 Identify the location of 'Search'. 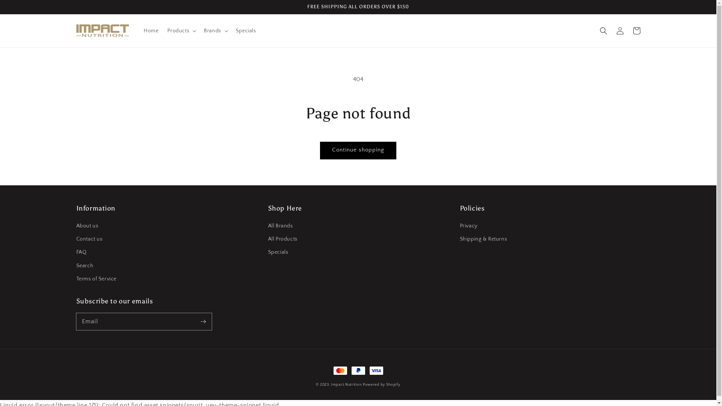
(85, 265).